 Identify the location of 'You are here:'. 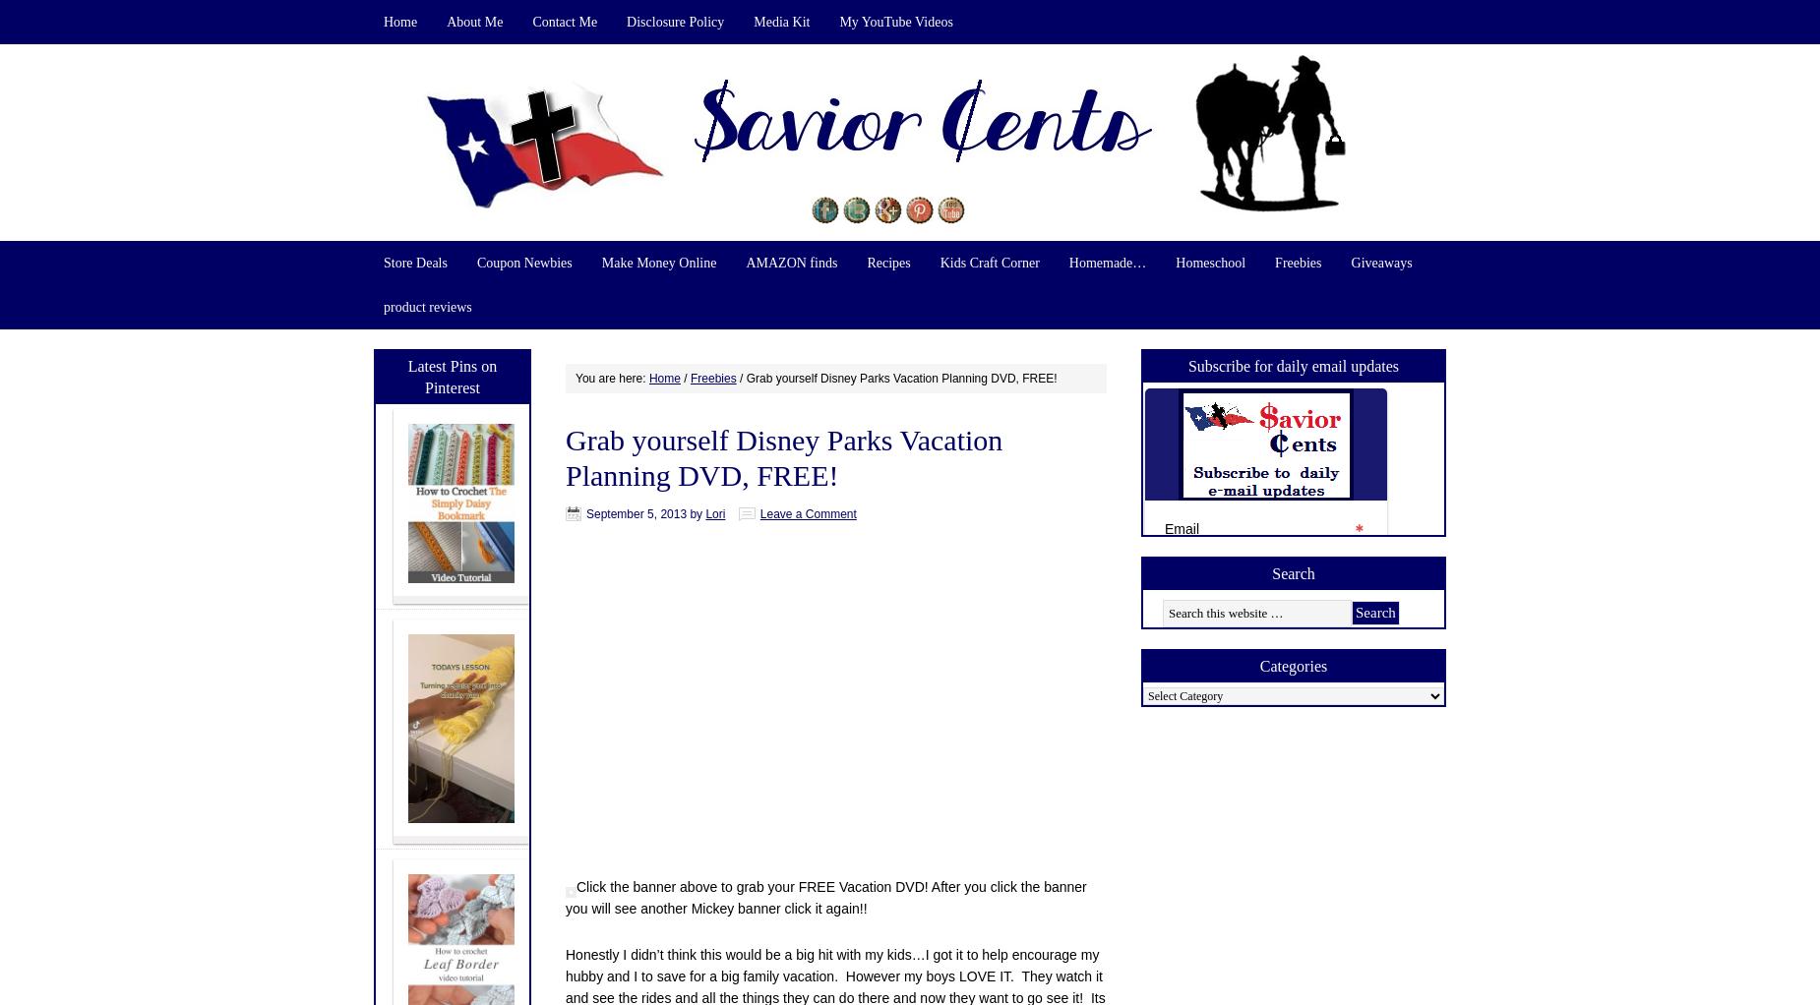
(575, 377).